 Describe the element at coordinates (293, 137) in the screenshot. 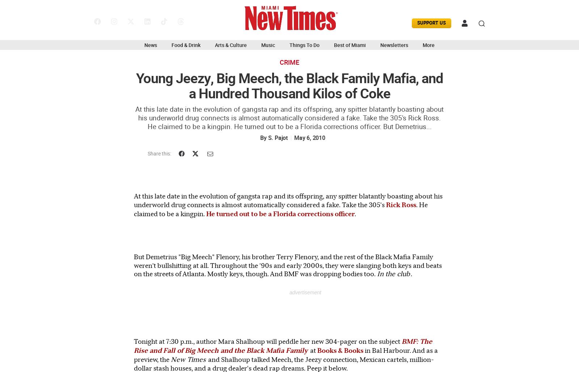

I see `'May 6, 2010'` at that location.